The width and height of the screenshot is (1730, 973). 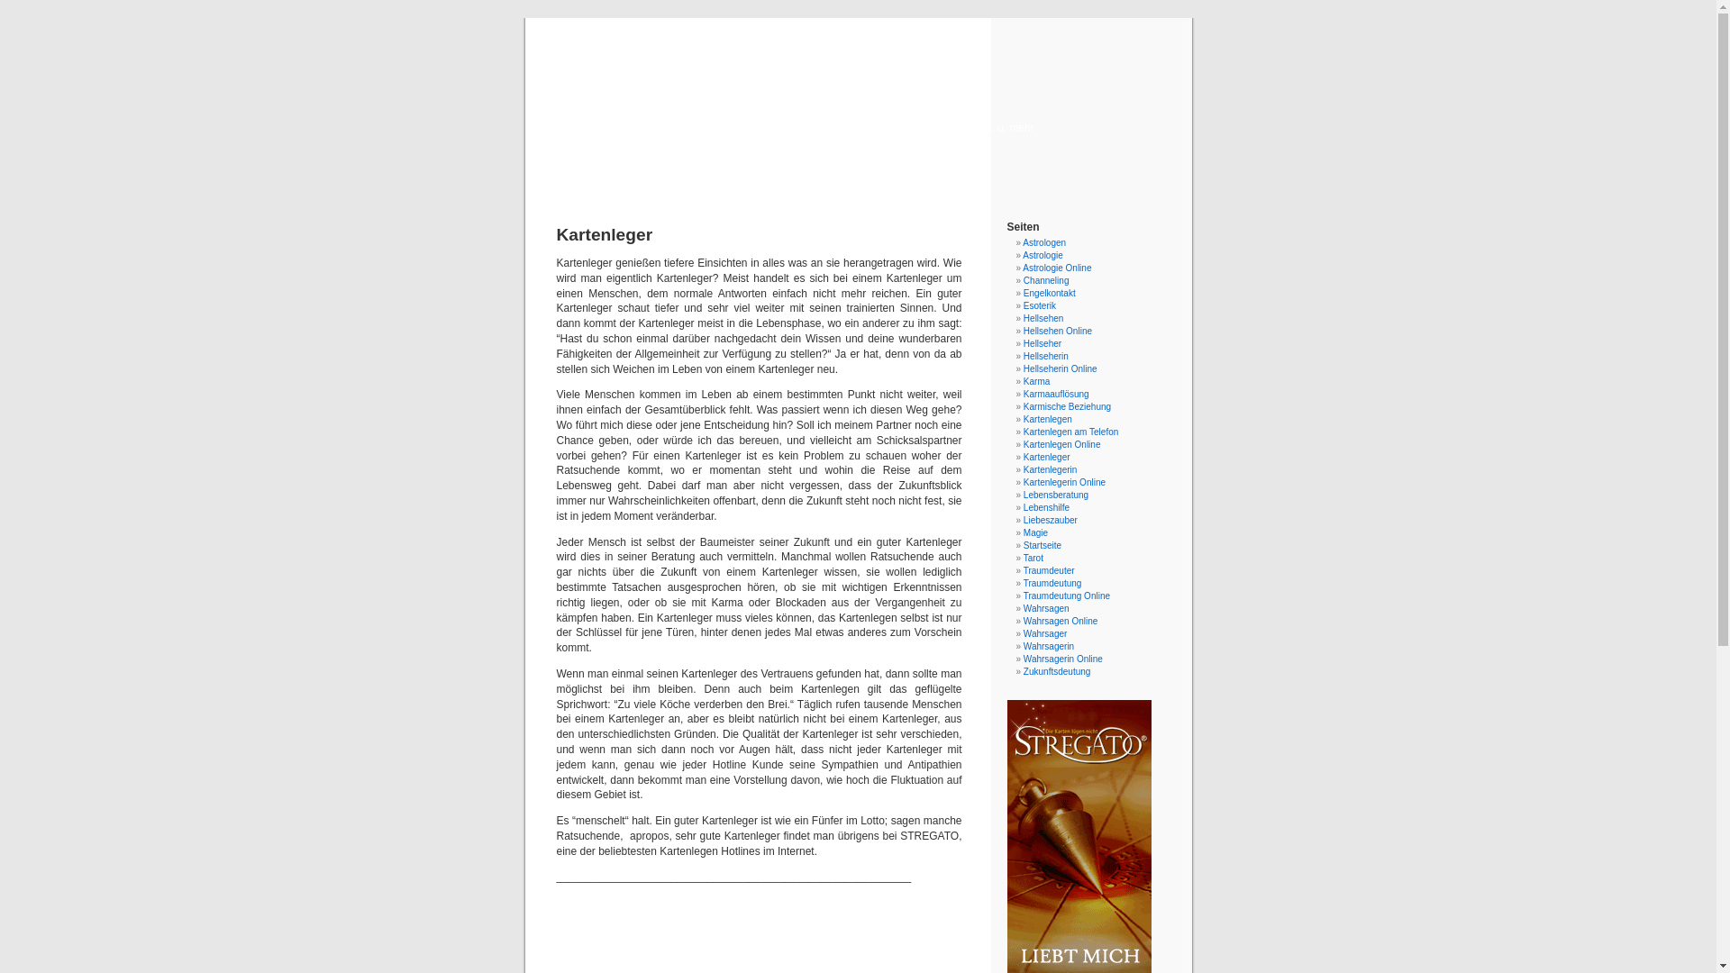 What do you see at coordinates (1033, 557) in the screenshot?
I see `'Tarot'` at bounding box center [1033, 557].